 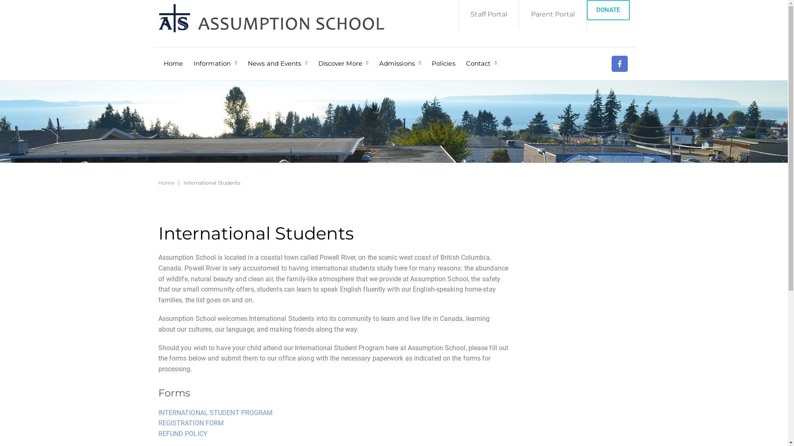 What do you see at coordinates (431, 57) in the screenshot?
I see `'Policies'` at bounding box center [431, 57].